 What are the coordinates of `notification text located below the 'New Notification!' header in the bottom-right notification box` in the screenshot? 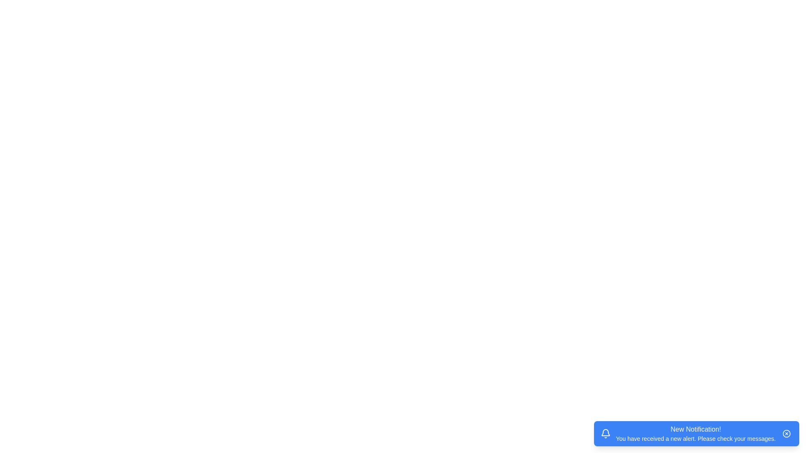 It's located at (696, 438).